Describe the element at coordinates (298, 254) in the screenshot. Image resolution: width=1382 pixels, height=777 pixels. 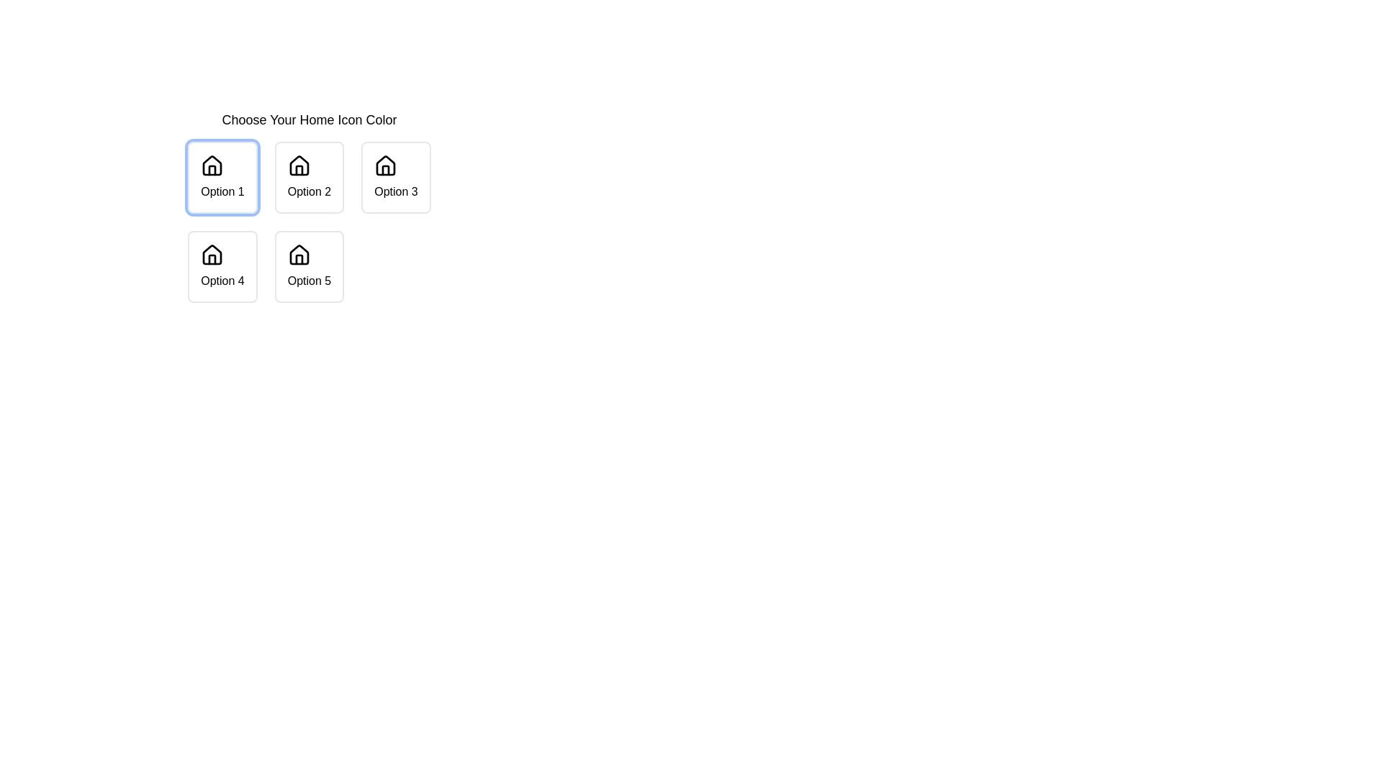
I see `the home icon, which is the second icon in the bottom row labeled 'Option 5'` at that location.